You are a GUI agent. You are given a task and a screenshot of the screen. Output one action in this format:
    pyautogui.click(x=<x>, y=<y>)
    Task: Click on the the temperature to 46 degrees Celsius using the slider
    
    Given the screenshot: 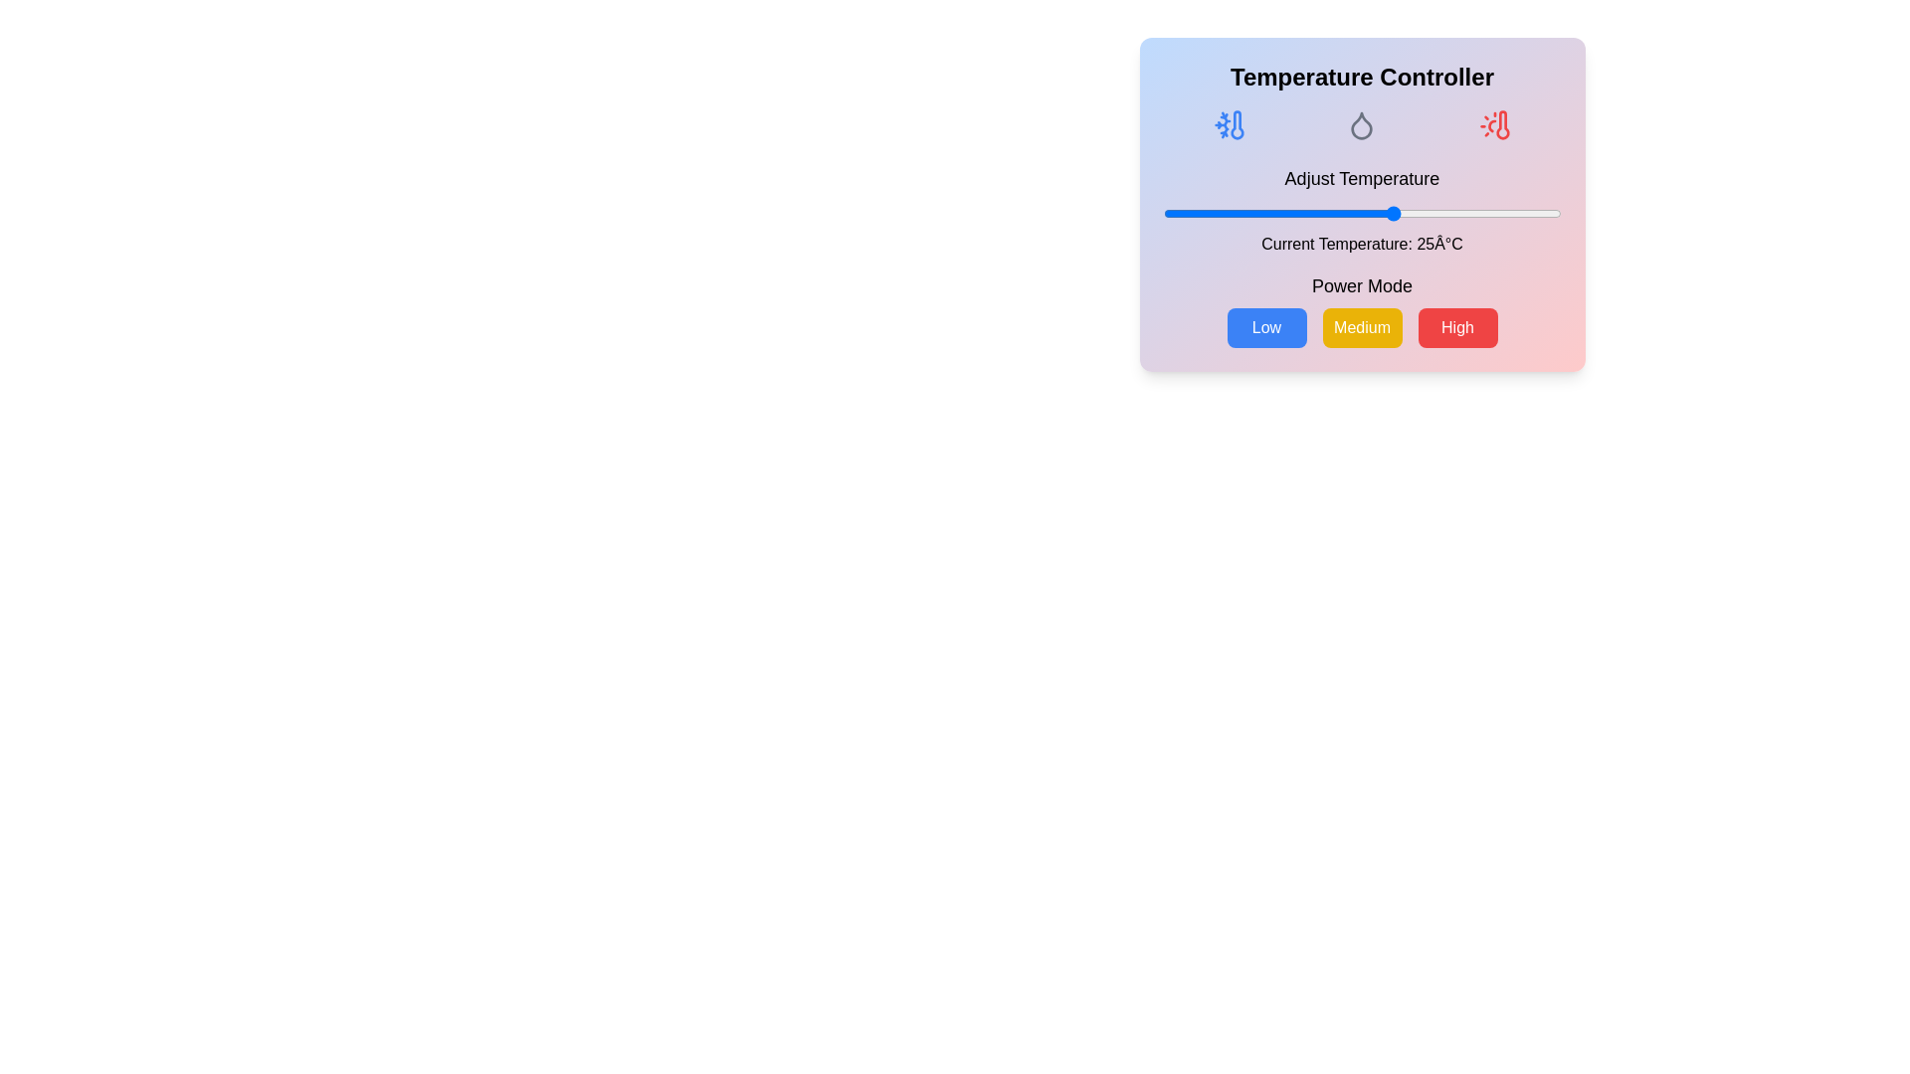 What is the action you would take?
    pyautogui.click(x=1533, y=214)
    